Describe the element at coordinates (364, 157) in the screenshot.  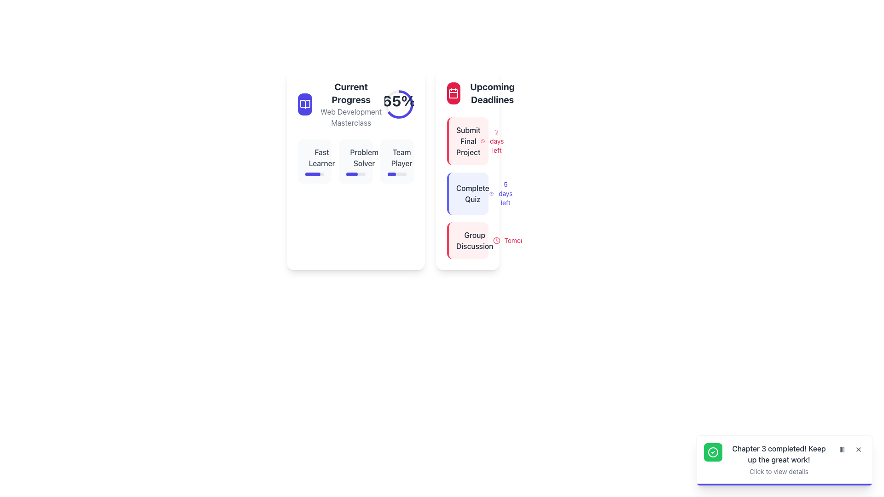
I see `the 'Problem Solver' text label` at that location.